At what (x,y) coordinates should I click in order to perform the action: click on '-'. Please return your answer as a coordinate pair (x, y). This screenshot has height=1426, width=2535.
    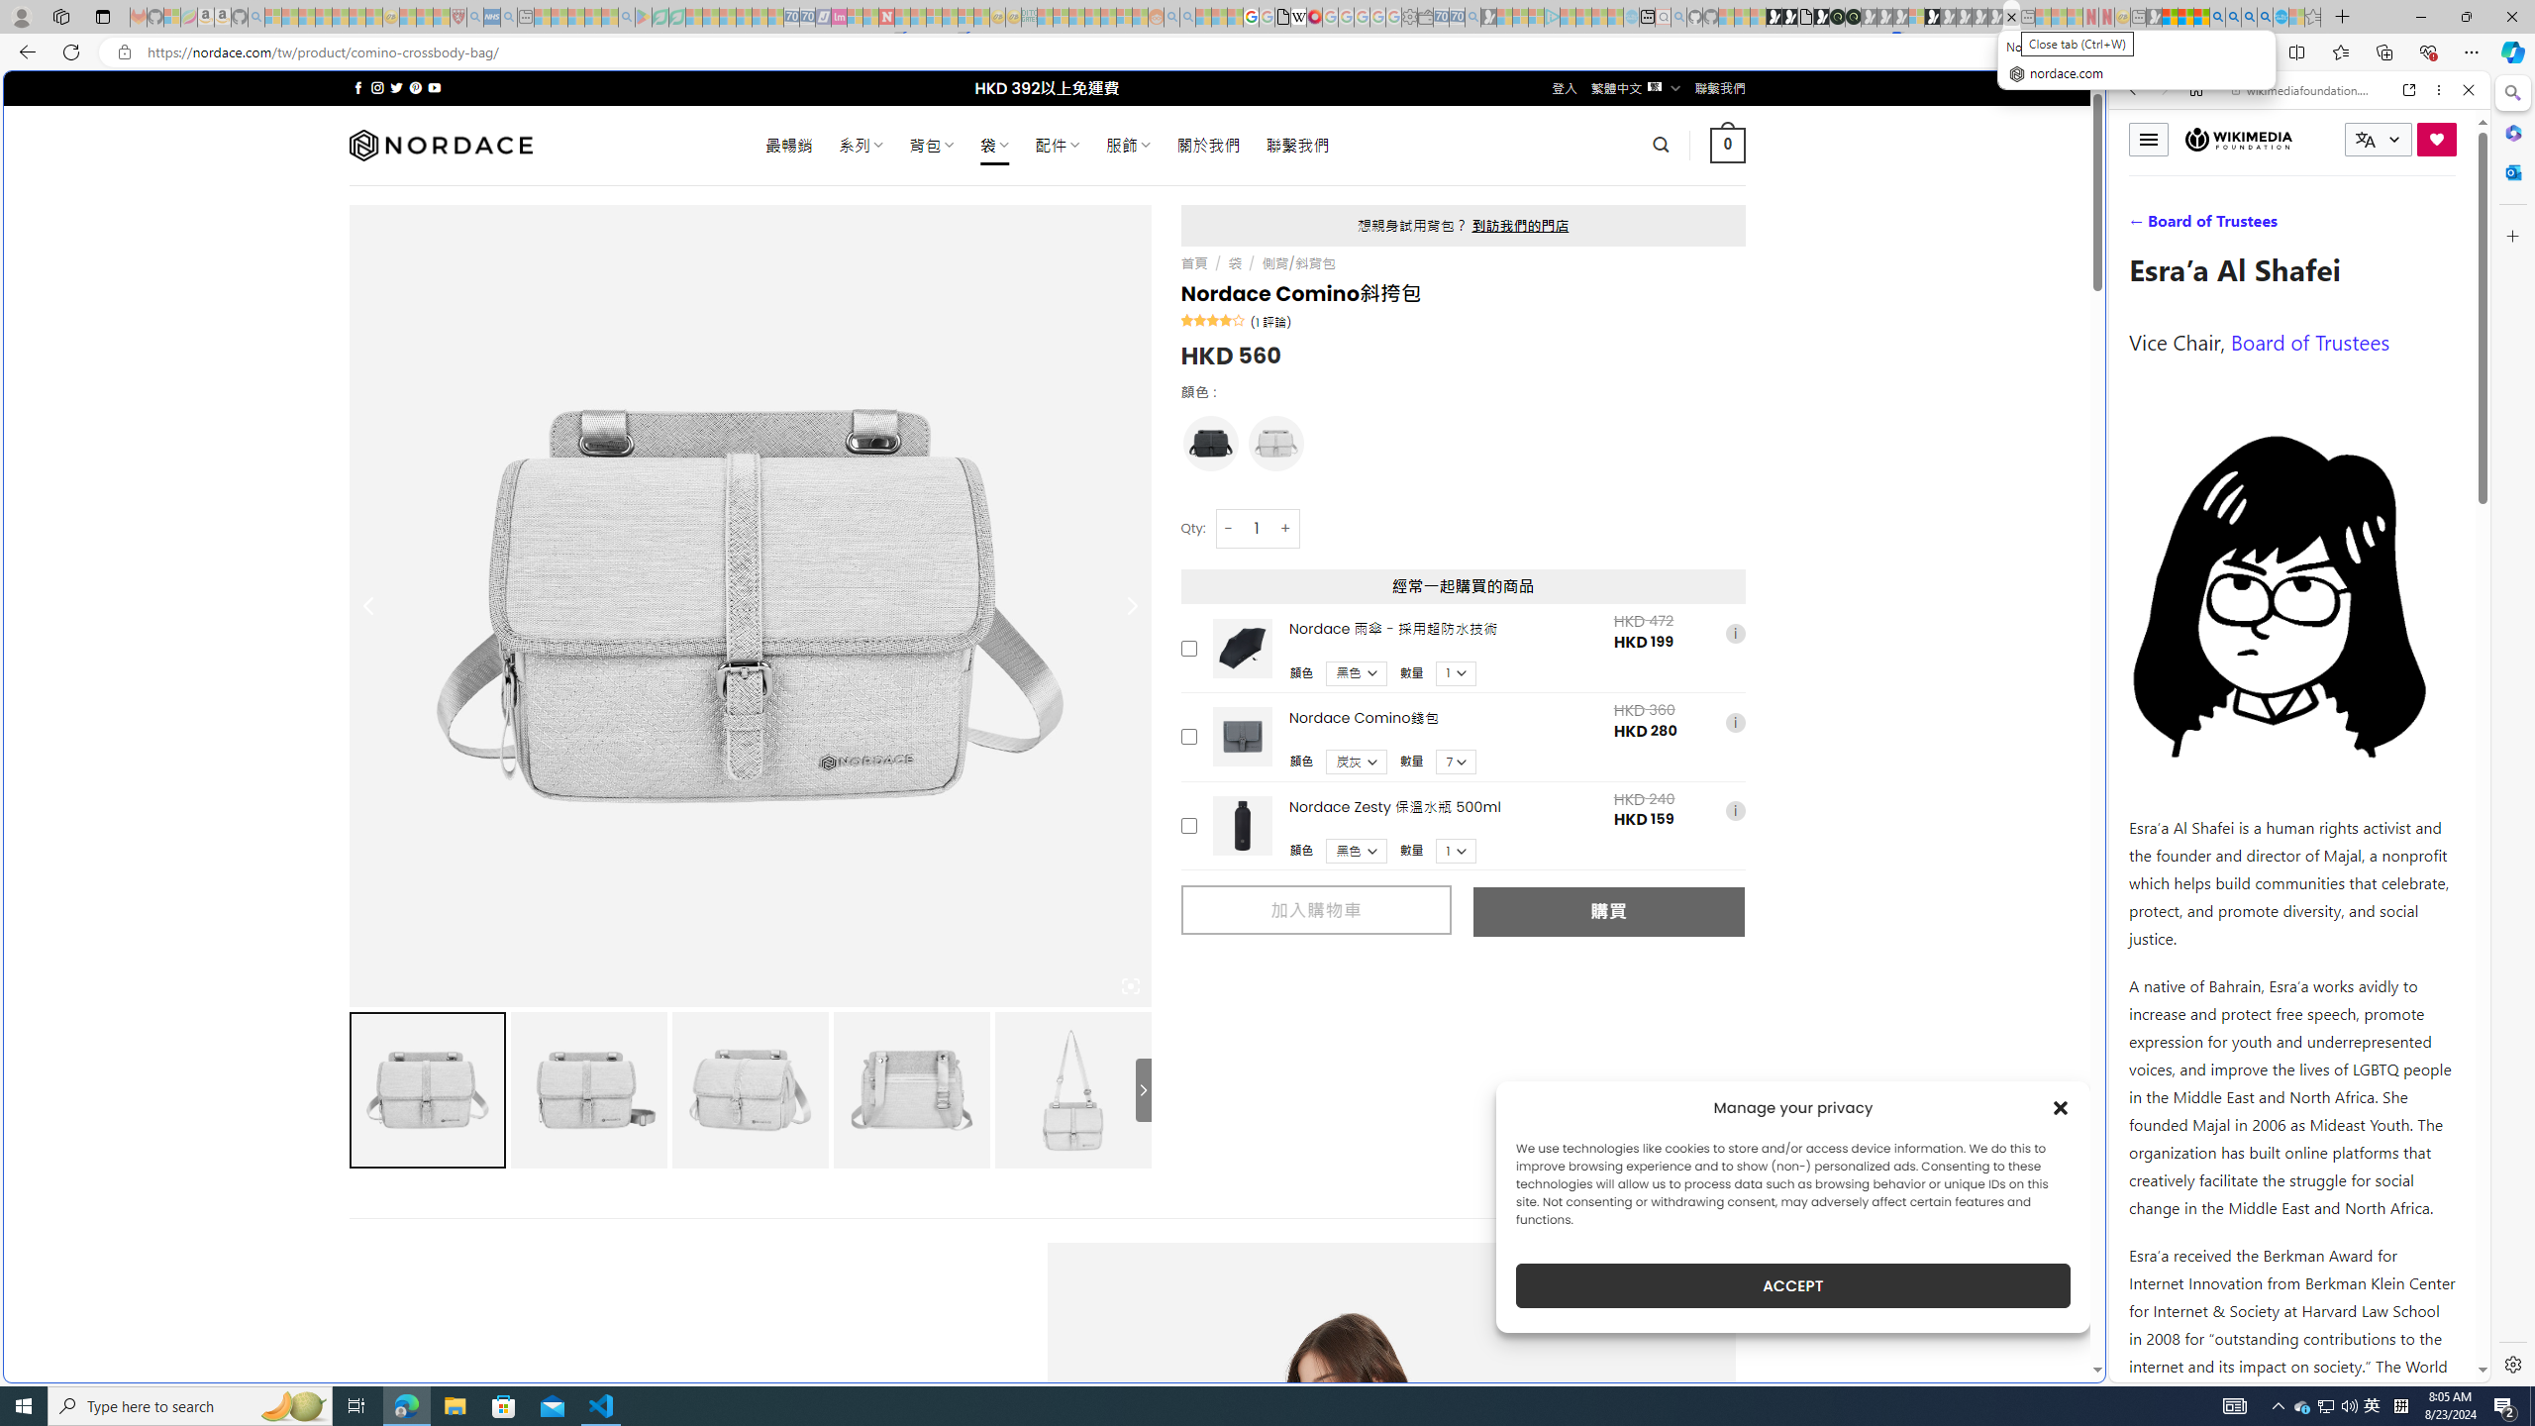
    Looking at the image, I should click on (1227, 527).